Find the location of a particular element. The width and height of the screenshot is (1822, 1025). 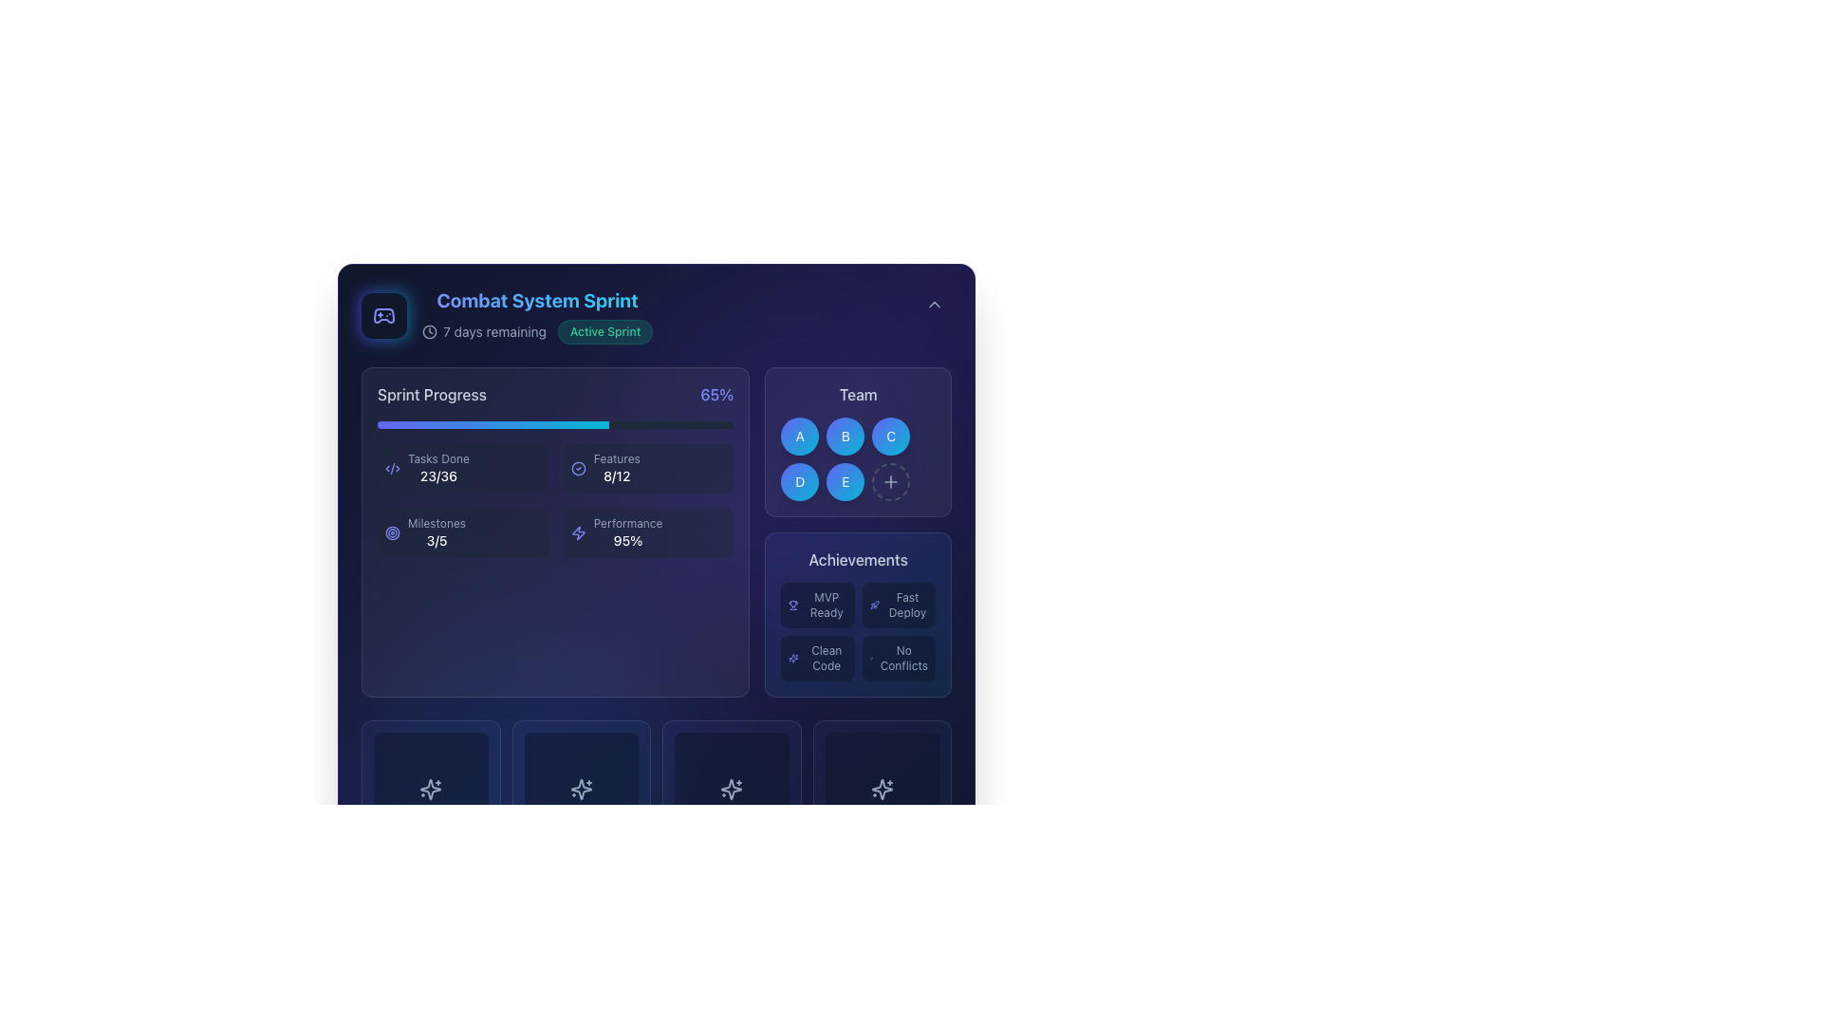

the decorative star-like icon located in the second column of the bottom row of the grid layout is located at coordinates (731, 790).